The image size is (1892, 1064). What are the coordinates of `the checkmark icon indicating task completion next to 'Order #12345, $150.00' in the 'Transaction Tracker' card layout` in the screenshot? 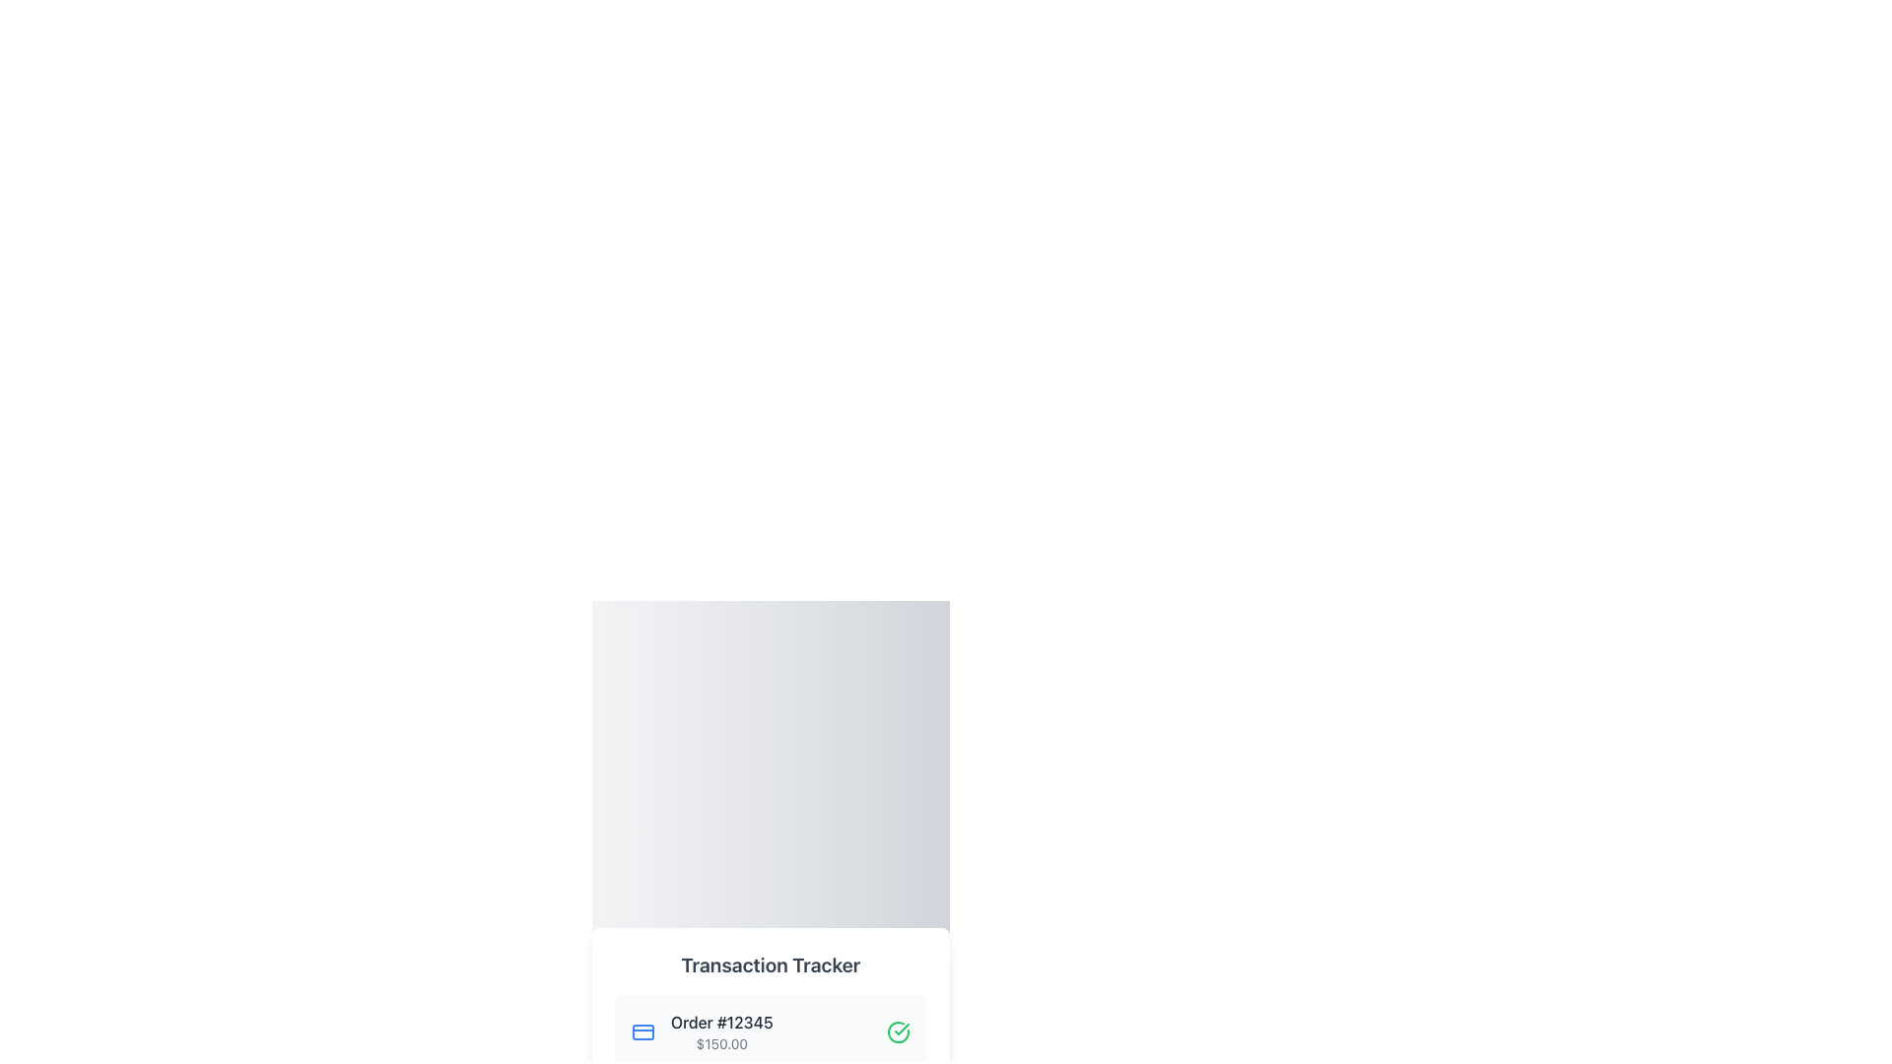 It's located at (901, 1029).